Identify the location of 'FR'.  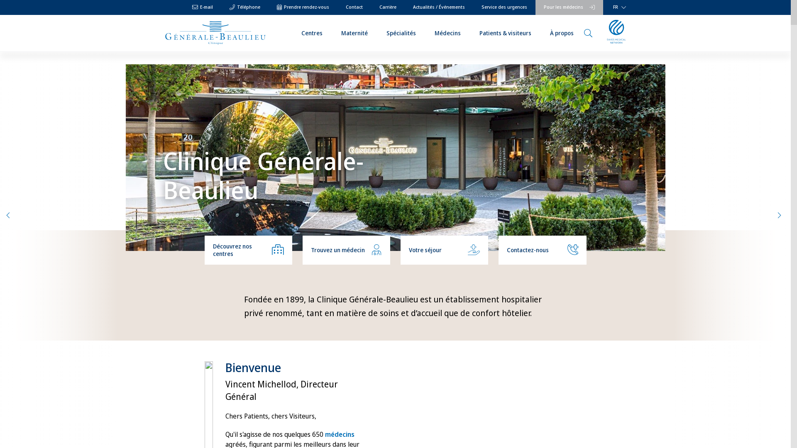
(618, 7).